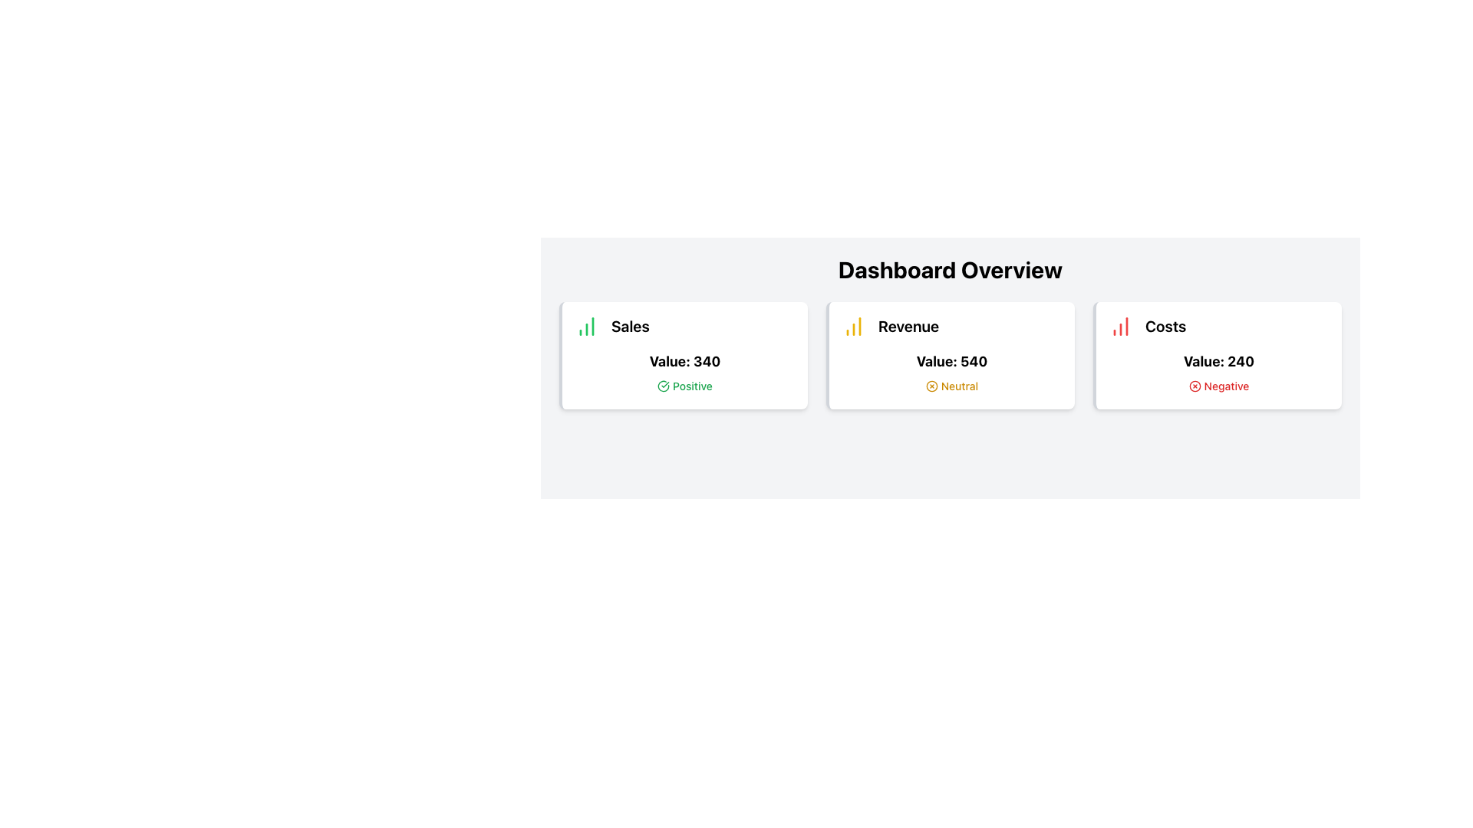 The width and height of the screenshot is (1473, 828). Describe the element at coordinates (908, 325) in the screenshot. I see `the 'Revenue' text label` at that location.